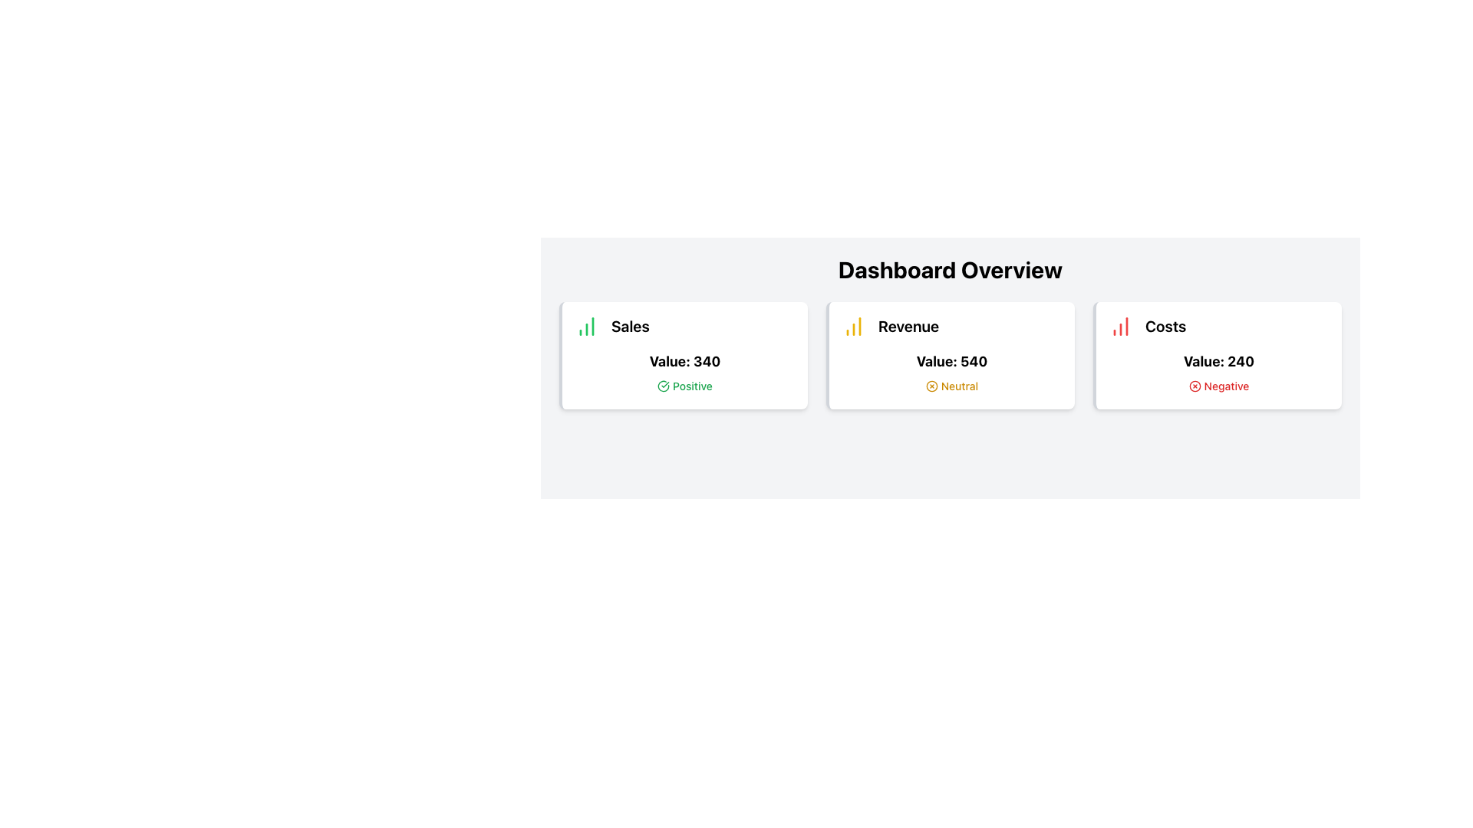 The width and height of the screenshot is (1473, 828). Describe the element at coordinates (908, 325) in the screenshot. I see `the 'Revenue' text label` at that location.